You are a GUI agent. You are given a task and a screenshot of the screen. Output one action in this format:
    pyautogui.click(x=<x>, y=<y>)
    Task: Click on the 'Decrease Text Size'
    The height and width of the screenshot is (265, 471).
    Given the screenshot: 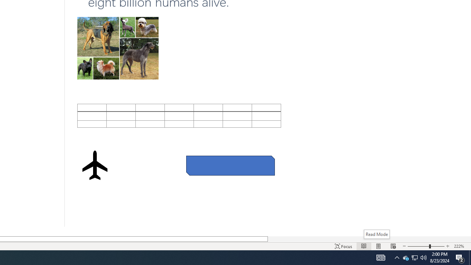 What is the action you would take?
    pyautogui.click(x=404, y=246)
    